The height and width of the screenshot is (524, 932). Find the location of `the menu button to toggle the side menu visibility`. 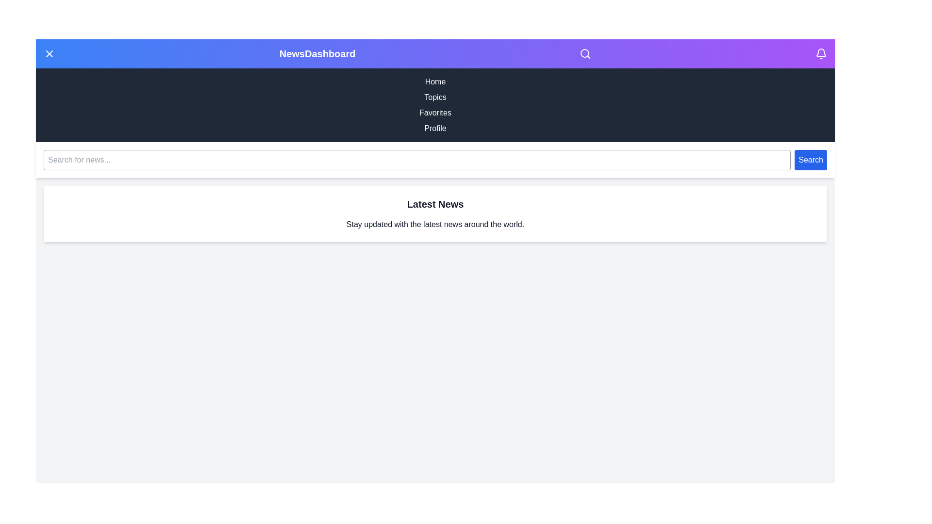

the menu button to toggle the side menu visibility is located at coordinates (49, 54).